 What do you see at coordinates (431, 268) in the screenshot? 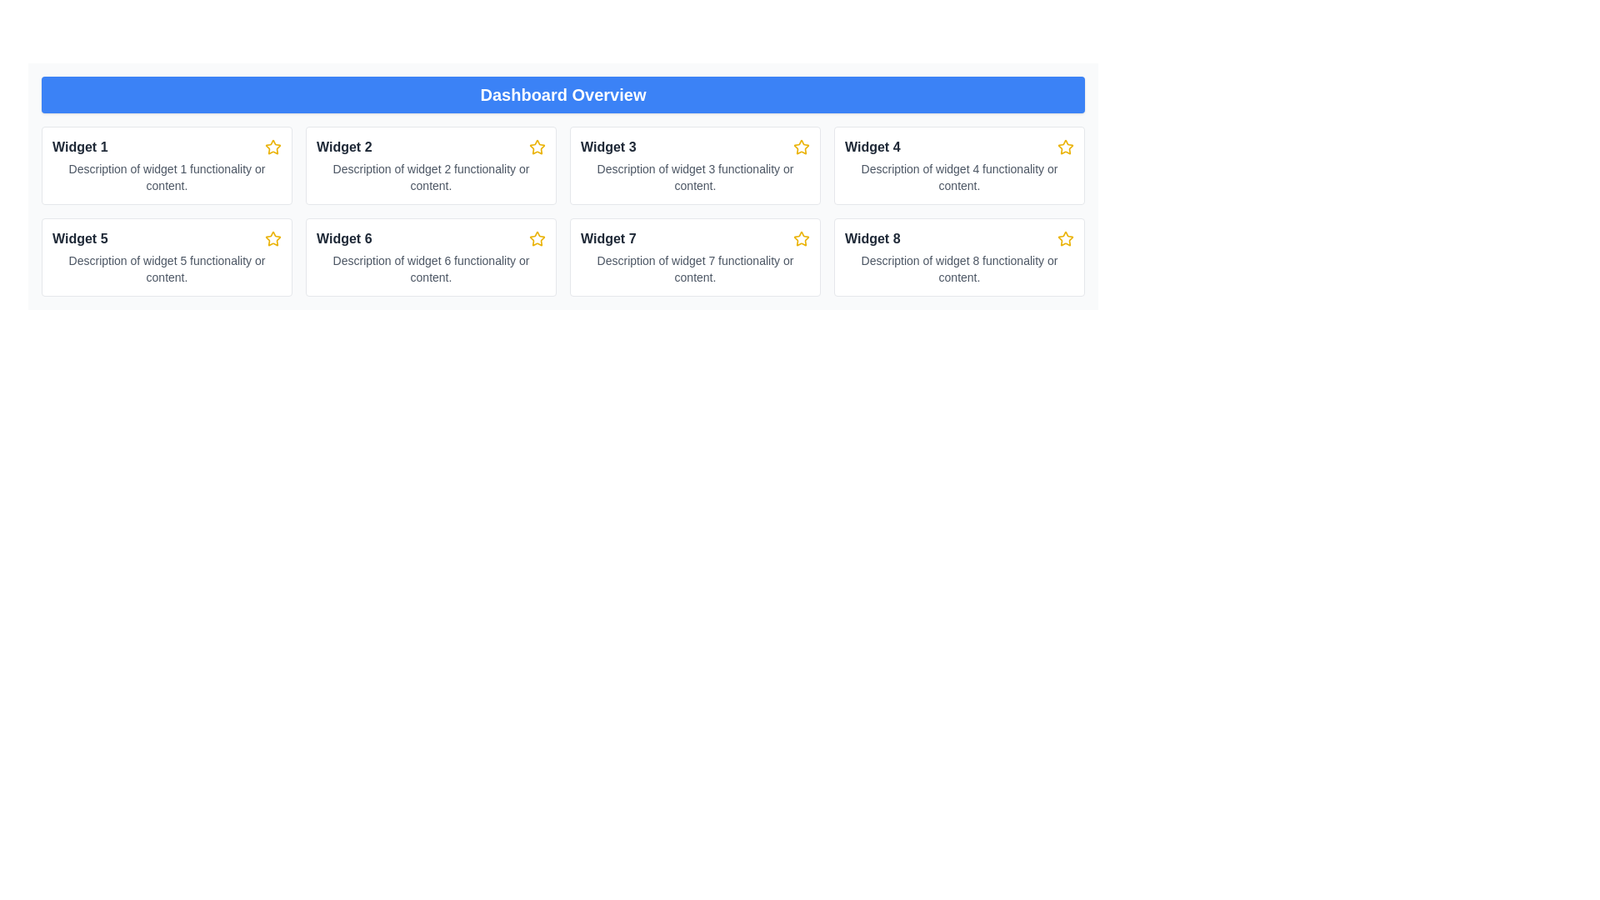
I see `the descriptive text located at the lower part of Widget 6 to trigger any associated tooltips or animations` at bounding box center [431, 268].